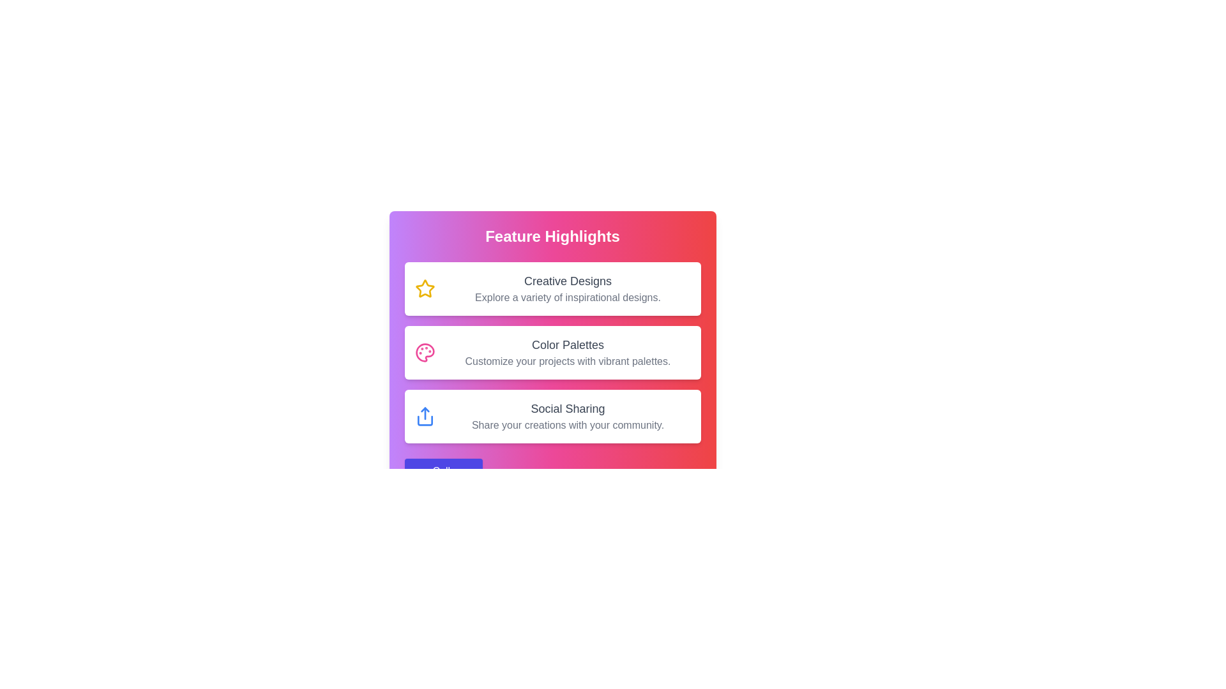  What do you see at coordinates (552, 471) in the screenshot?
I see `the button at the bottom center of the card` at bounding box center [552, 471].